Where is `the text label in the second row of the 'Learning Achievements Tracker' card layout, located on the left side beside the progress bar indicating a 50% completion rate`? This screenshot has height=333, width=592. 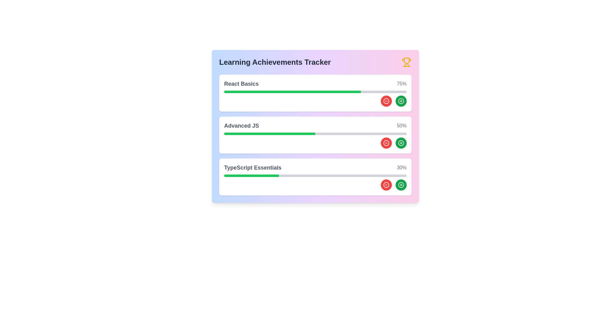 the text label in the second row of the 'Learning Achievements Tracker' card layout, located on the left side beside the progress bar indicating a 50% completion rate is located at coordinates (241, 125).